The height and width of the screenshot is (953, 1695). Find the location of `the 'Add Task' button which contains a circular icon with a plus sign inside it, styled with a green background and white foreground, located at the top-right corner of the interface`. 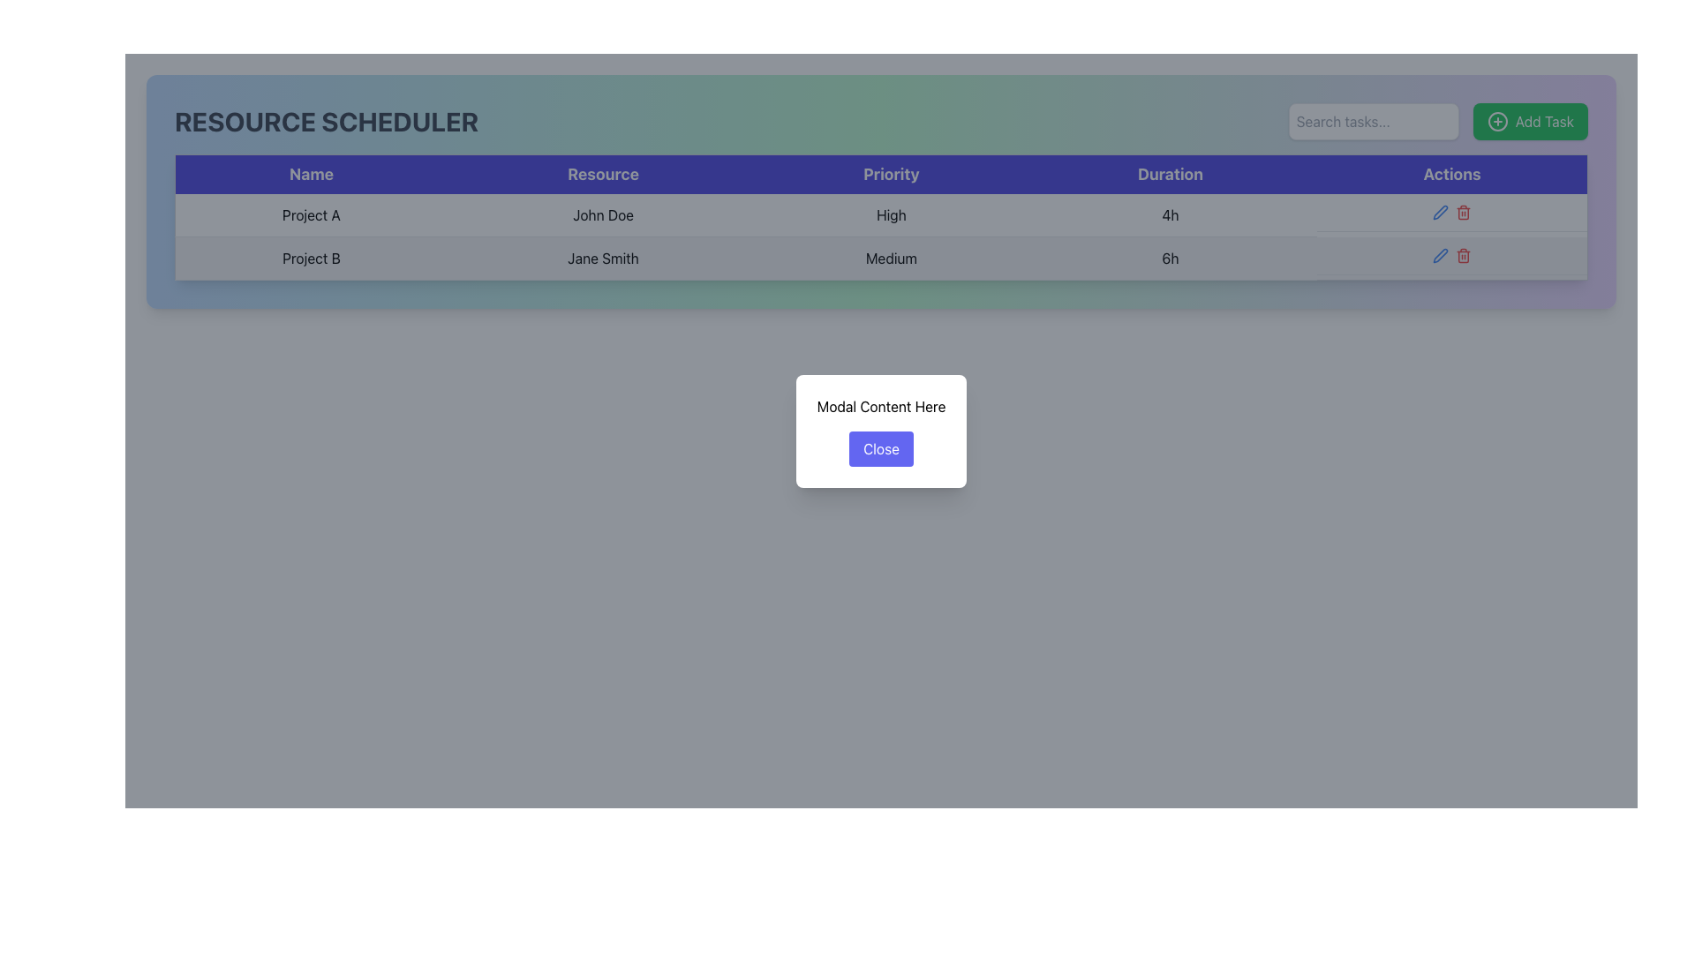

the 'Add Task' button which contains a circular icon with a plus sign inside it, styled with a green background and white foreground, located at the top-right corner of the interface is located at coordinates (1496, 121).